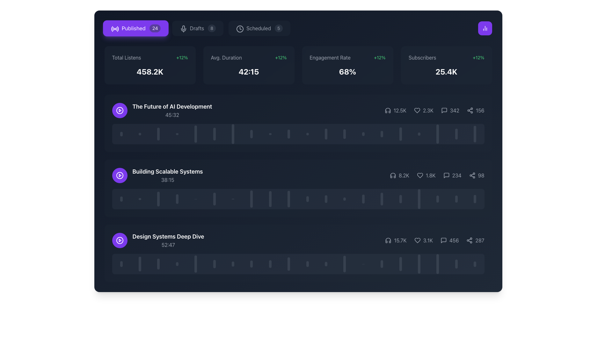 This screenshot has width=612, height=344. What do you see at coordinates (280, 58) in the screenshot?
I see `the Text label that provides percentage change information related to the 'Avg. Duration' metric, located to the right of the 'Avg. Duration' text` at bounding box center [280, 58].